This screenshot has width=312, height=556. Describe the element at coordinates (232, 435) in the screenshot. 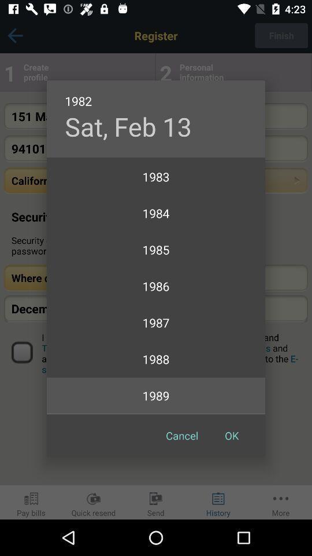

I see `ok at the bottom right corner` at that location.